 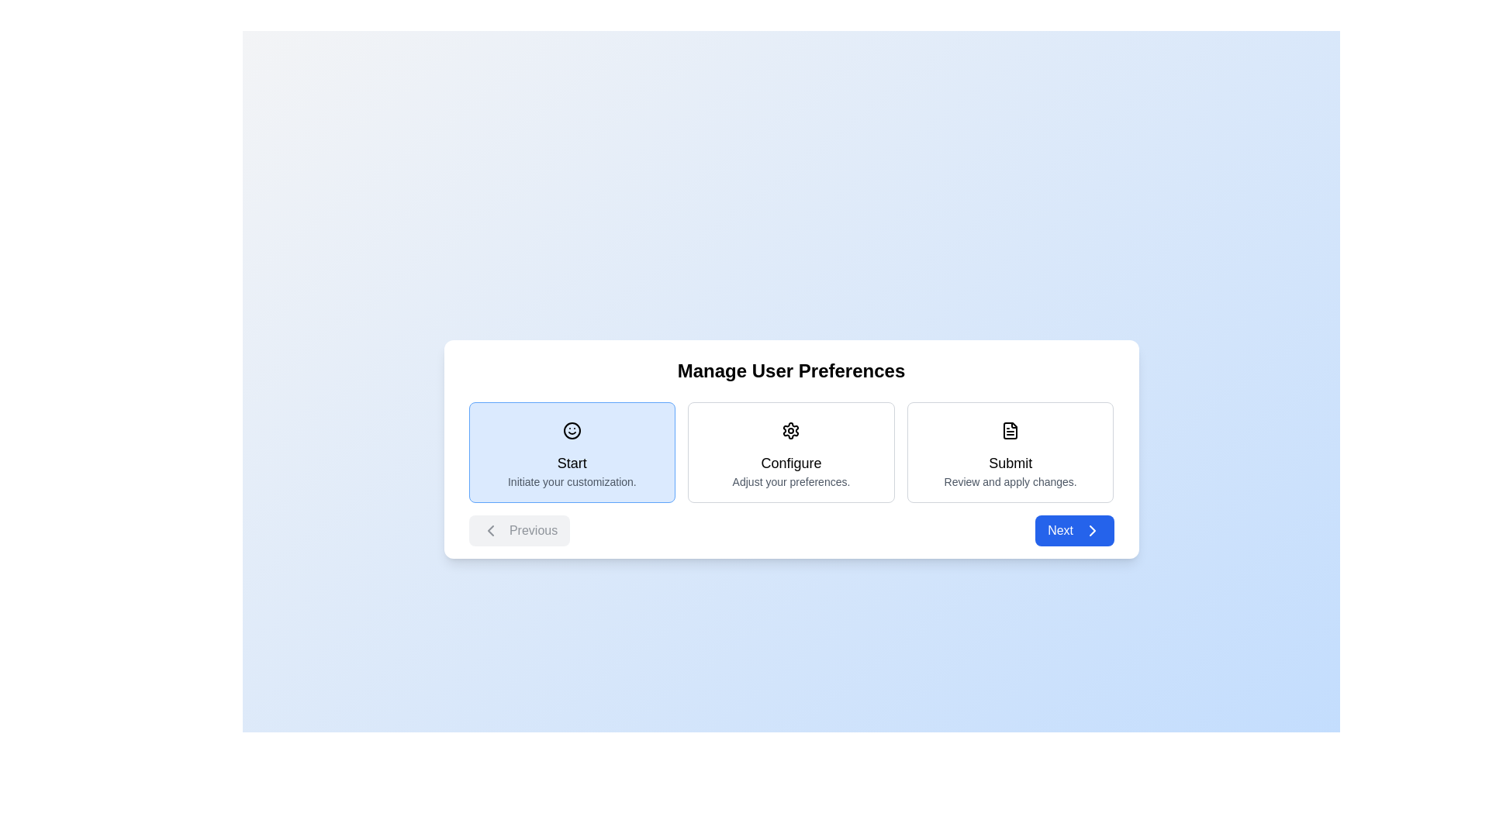 I want to click on the 'Previous' button to navigate to the previous step, so click(x=519, y=529).